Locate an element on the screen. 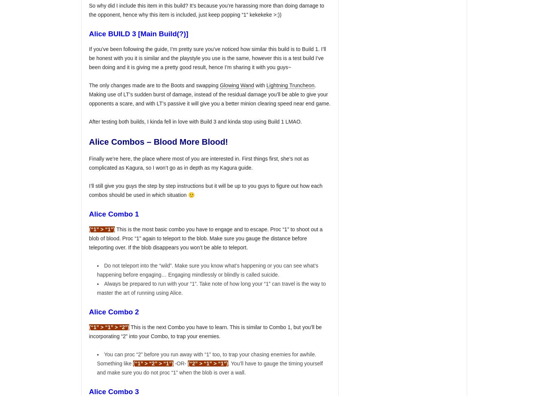 The height and width of the screenshot is (396, 548). 'This is the next Combo you have to learn. This is similar to Combo 1, but you’ll be incorporating “2” into your Combo, to trap your enemies.' is located at coordinates (205, 331).